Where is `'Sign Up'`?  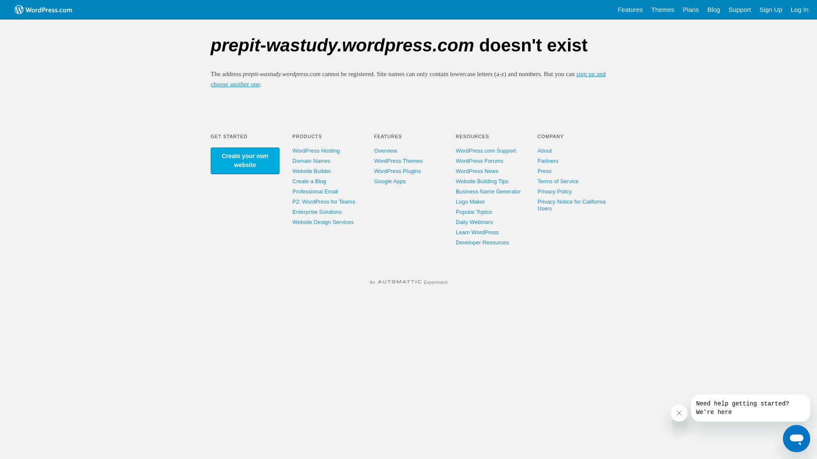 'Sign Up' is located at coordinates (771, 10).